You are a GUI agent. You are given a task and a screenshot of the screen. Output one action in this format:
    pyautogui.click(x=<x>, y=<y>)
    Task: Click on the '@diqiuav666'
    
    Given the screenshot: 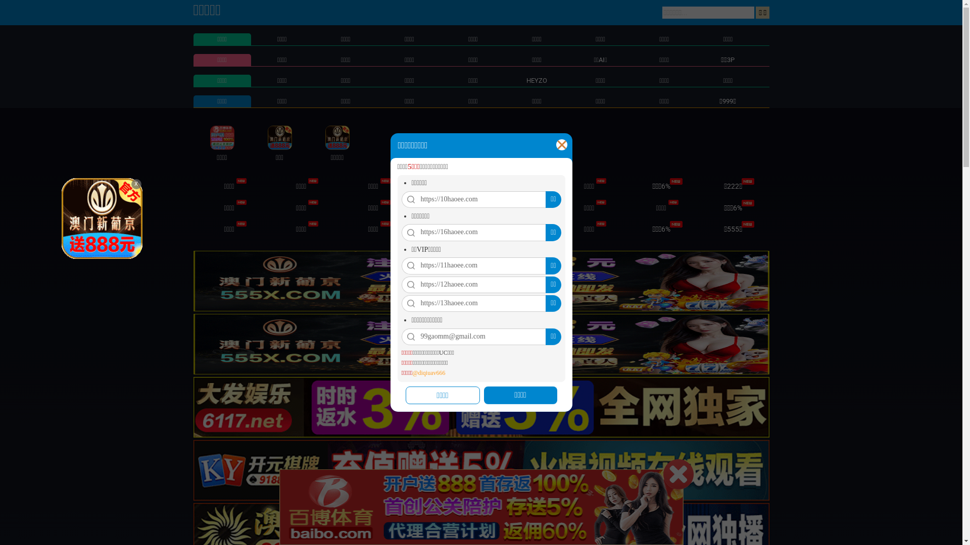 What is the action you would take?
    pyautogui.click(x=428, y=373)
    